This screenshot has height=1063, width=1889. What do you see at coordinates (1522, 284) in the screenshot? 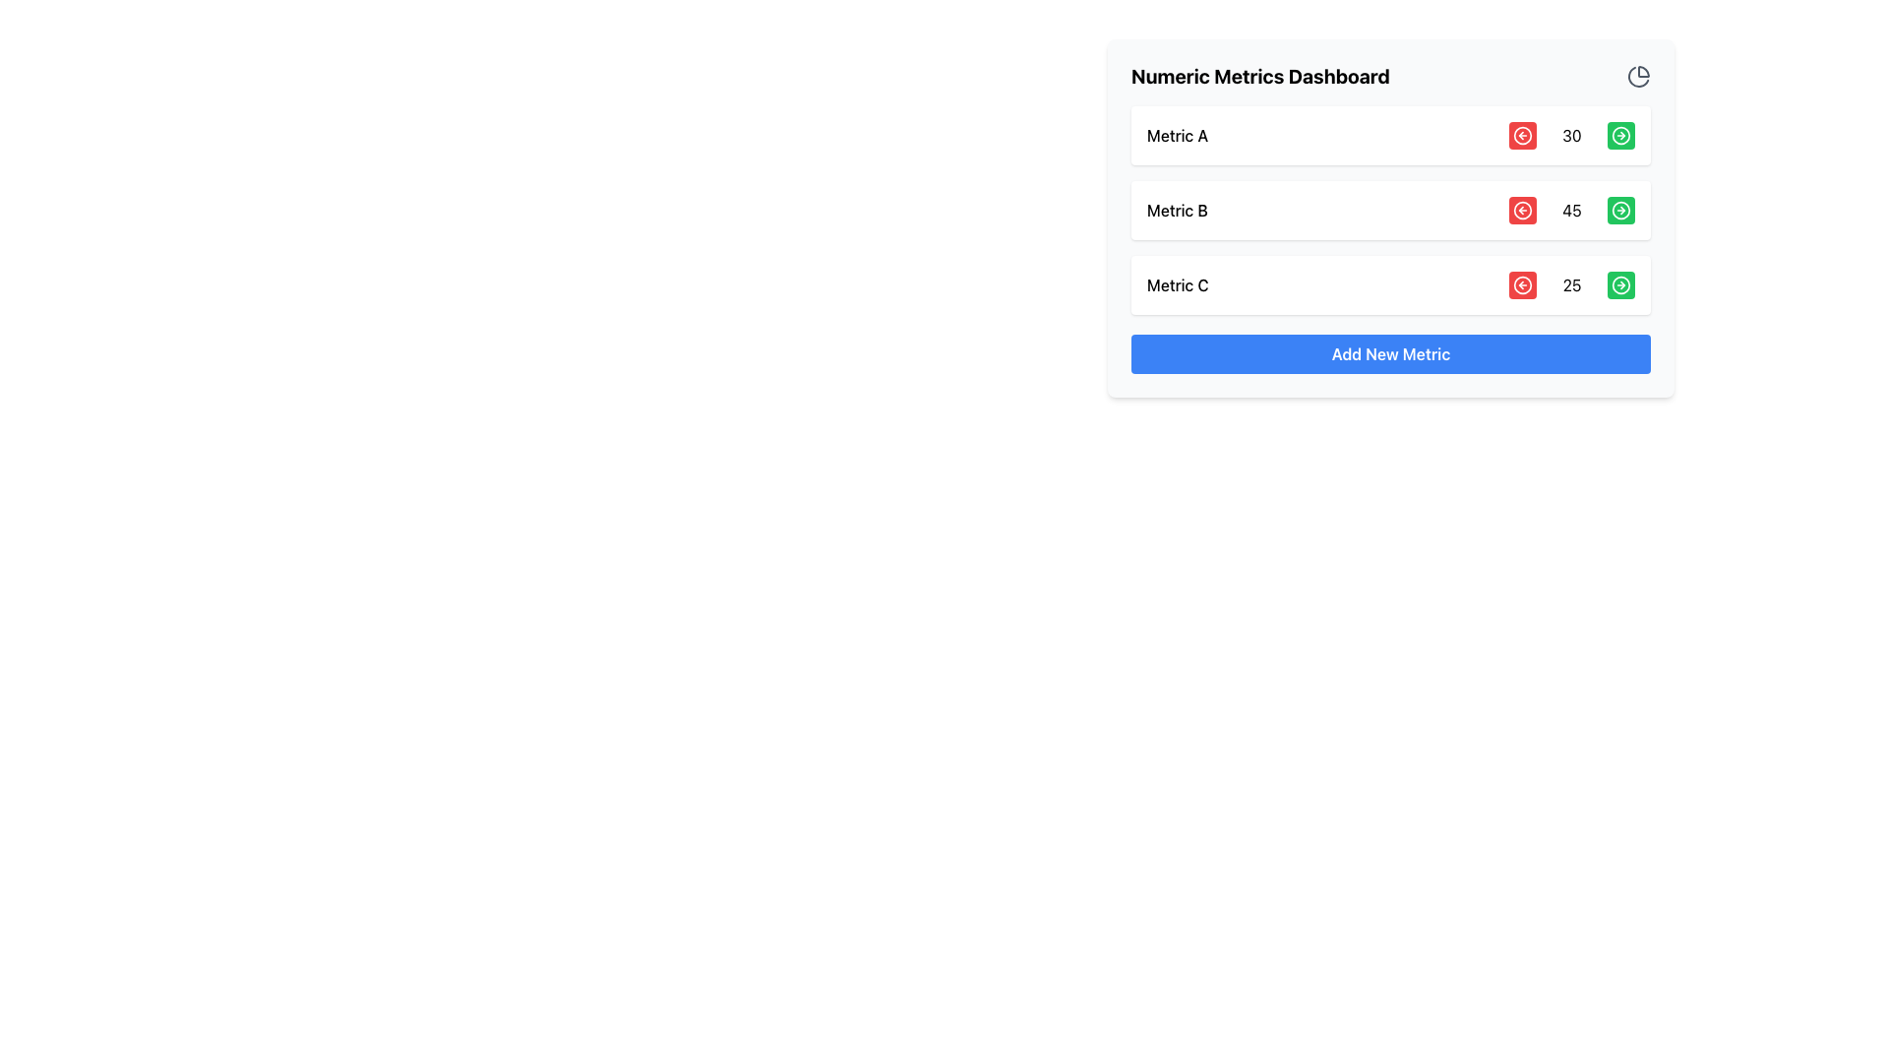
I see `inner-most circular vector graphic of the red icon in the Metric C row of the dashboard by hovering over it` at bounding box center [1522, 284].